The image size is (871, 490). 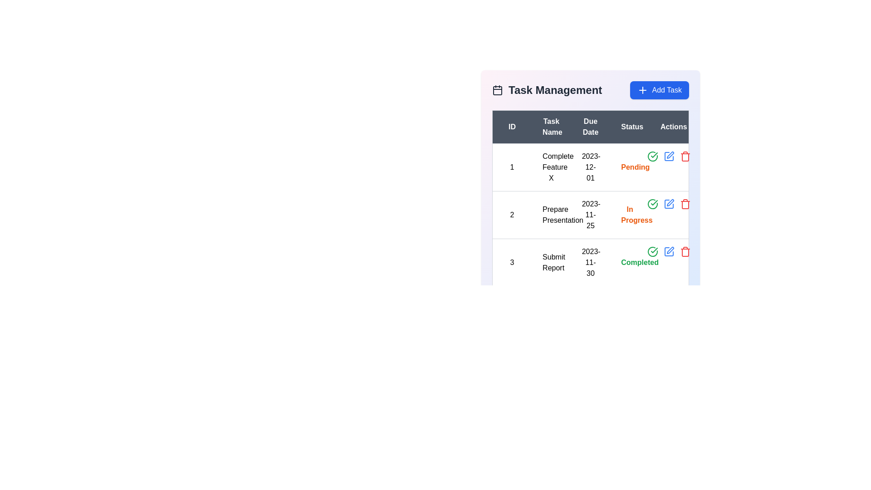 What do you see at coordinates (669, 252) in the screenshot?
I see `the icon button located in the bottom-most row of the actions column to the right of the green checkmark icon and to the left of the red trashcan icon` at bounding box center [669, 252].